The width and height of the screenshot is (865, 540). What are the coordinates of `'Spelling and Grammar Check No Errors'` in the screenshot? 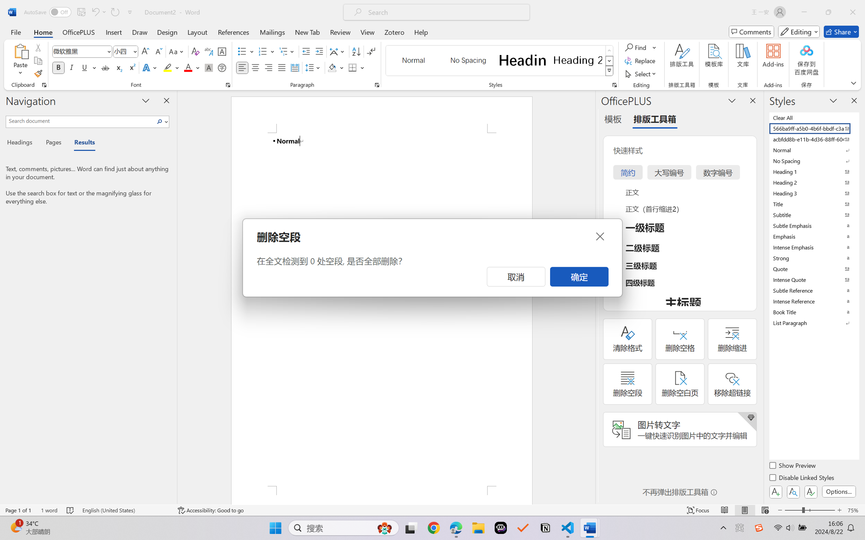 It's located at (70, 510).